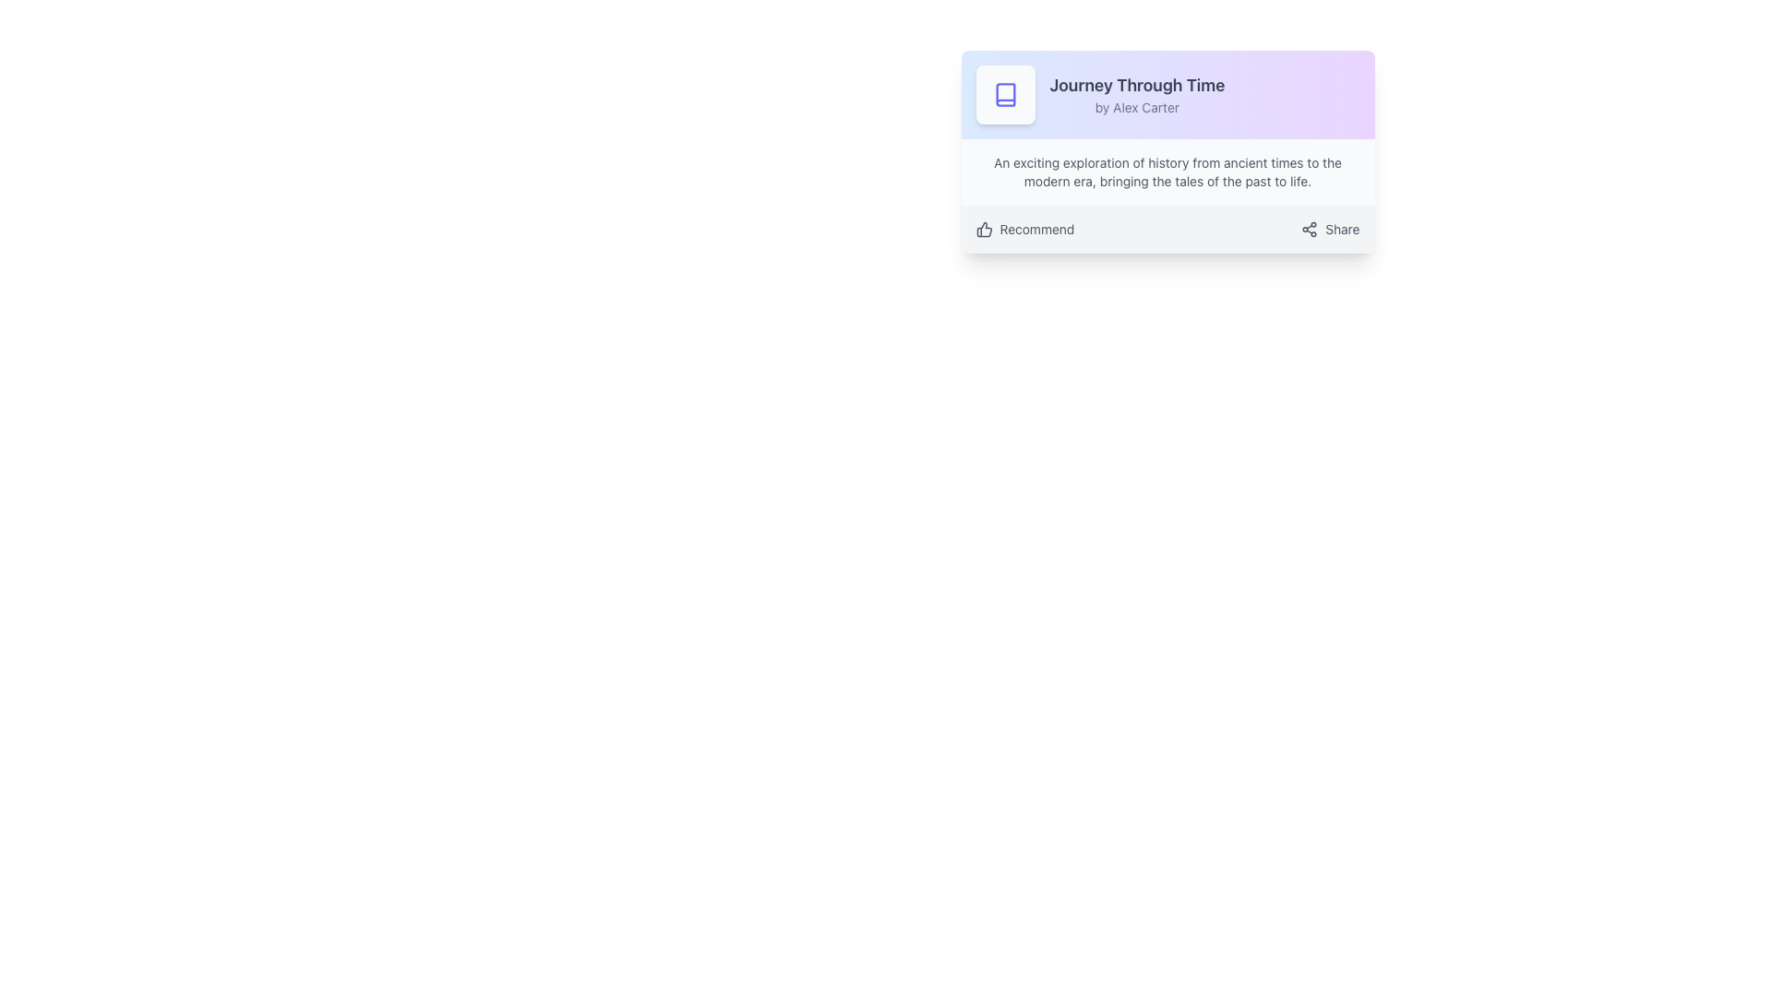 The width and height of the screenshot is (1772, 996). What do you see at coordinates (1024, 229) in the screenshot?
I see `the left button at the bottom of the card to change its color, indicating support or approval for the content` at bounding box center [1024, 229].